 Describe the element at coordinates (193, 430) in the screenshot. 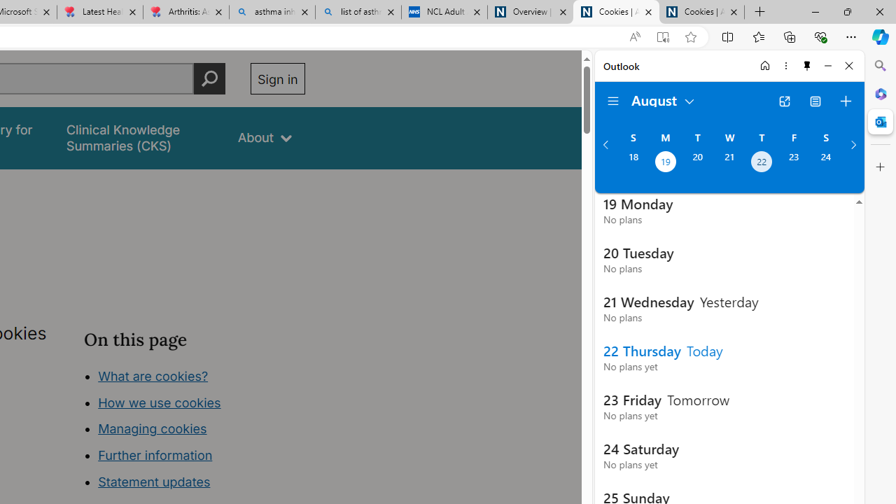

I see `'Class: in-page-nav__list'` at that location.